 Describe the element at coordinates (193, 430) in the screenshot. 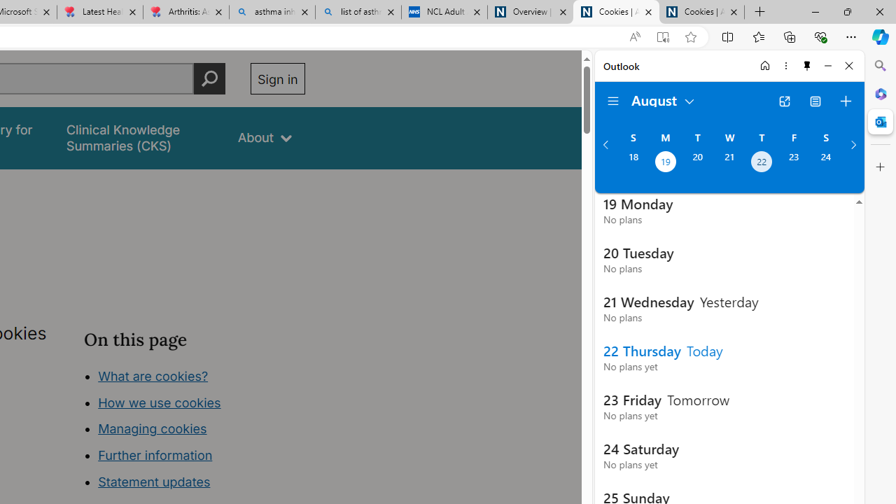

I see `'Class: in-page-nav__list'` at that location.